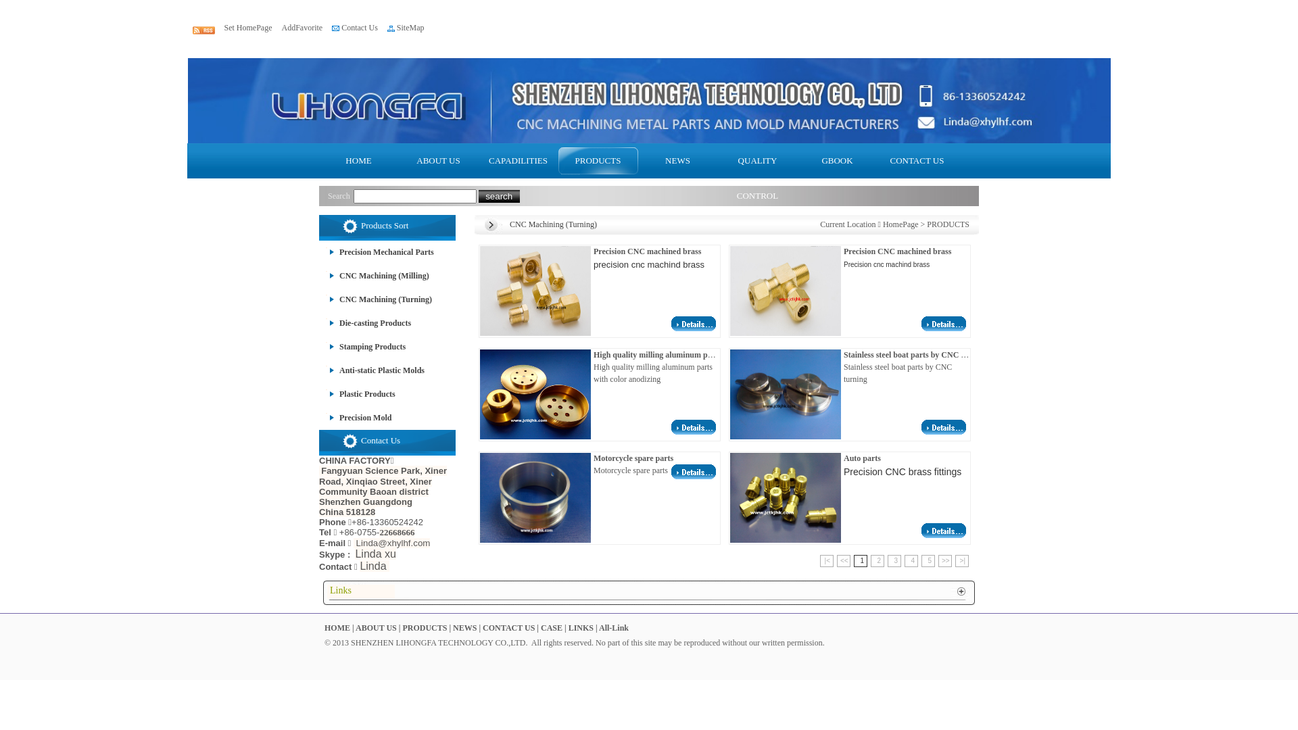 The width and height of the screenshot is (1298, 730). I want to click on 'HOME', so click(359, 160).